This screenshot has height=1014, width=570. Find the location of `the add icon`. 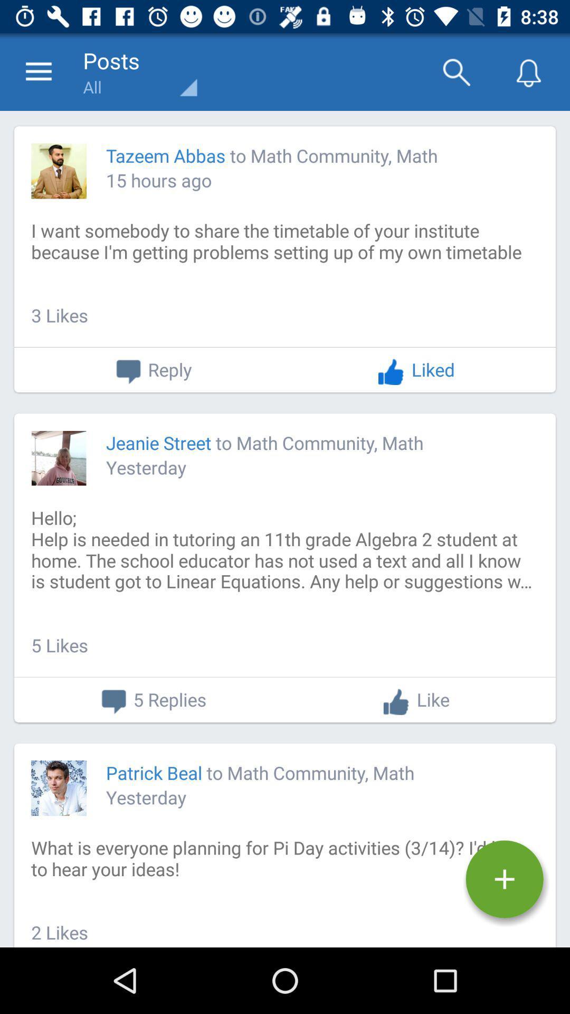

the add icon is located at coordinates (504, 879).